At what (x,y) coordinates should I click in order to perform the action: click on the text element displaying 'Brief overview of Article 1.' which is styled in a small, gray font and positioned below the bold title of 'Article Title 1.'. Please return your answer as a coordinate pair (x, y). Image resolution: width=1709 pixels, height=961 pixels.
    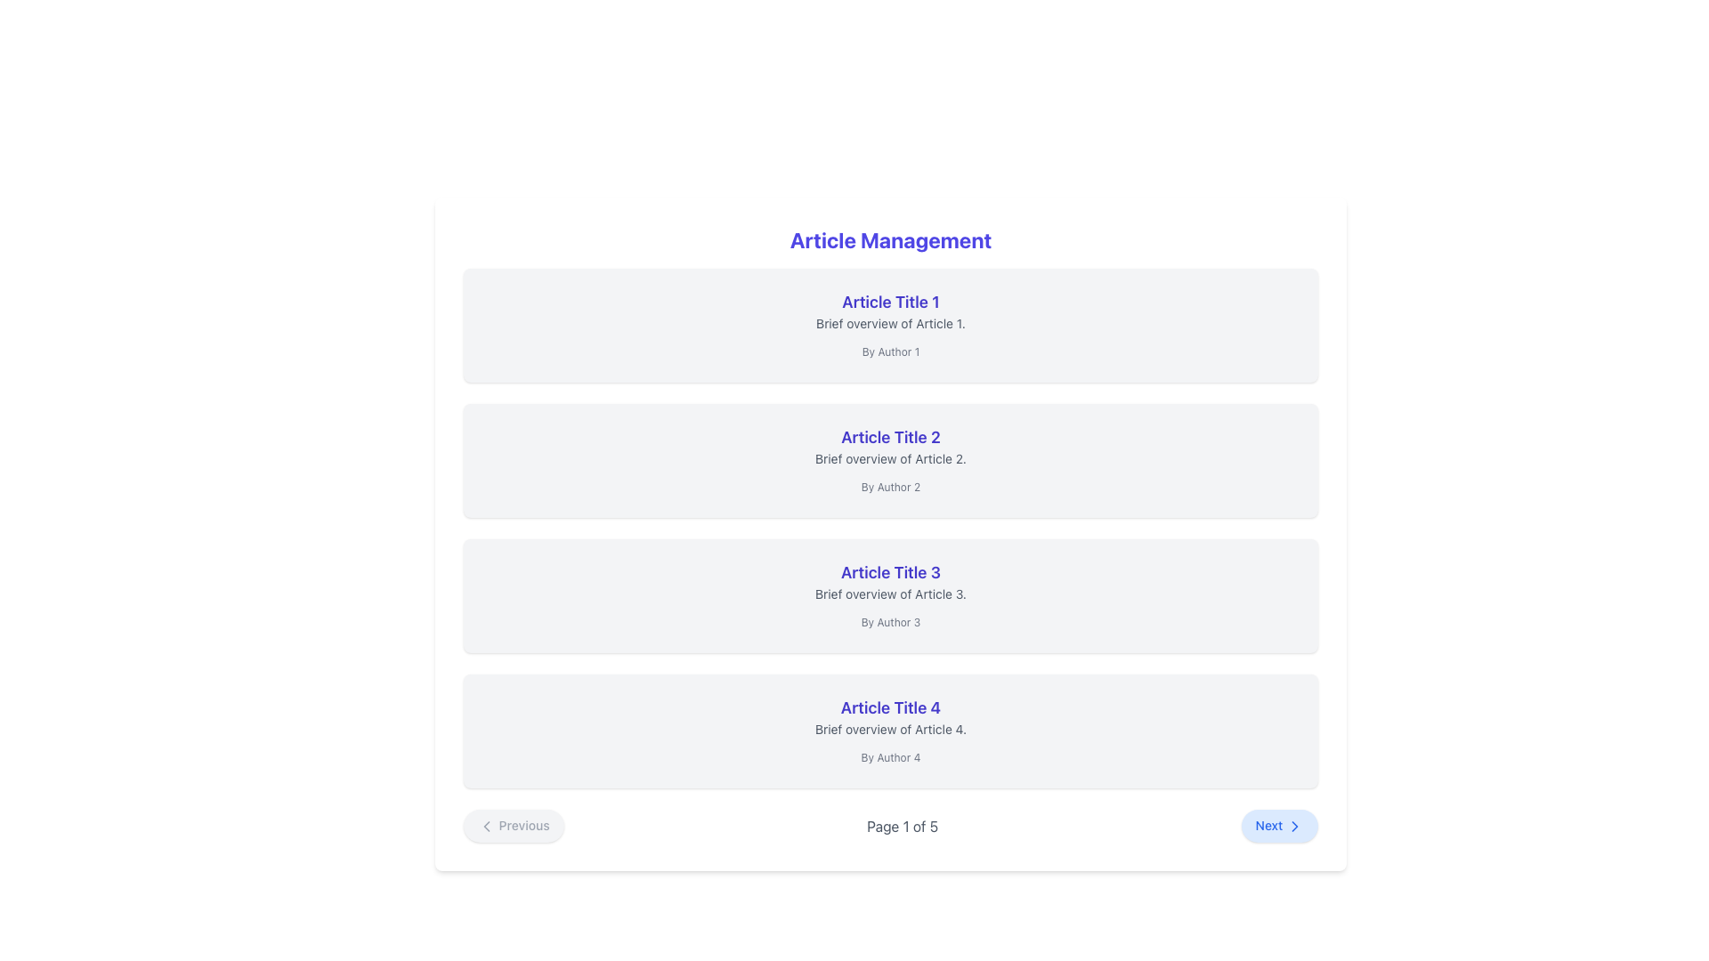
    Looking at the image, I should click on (891, 323).